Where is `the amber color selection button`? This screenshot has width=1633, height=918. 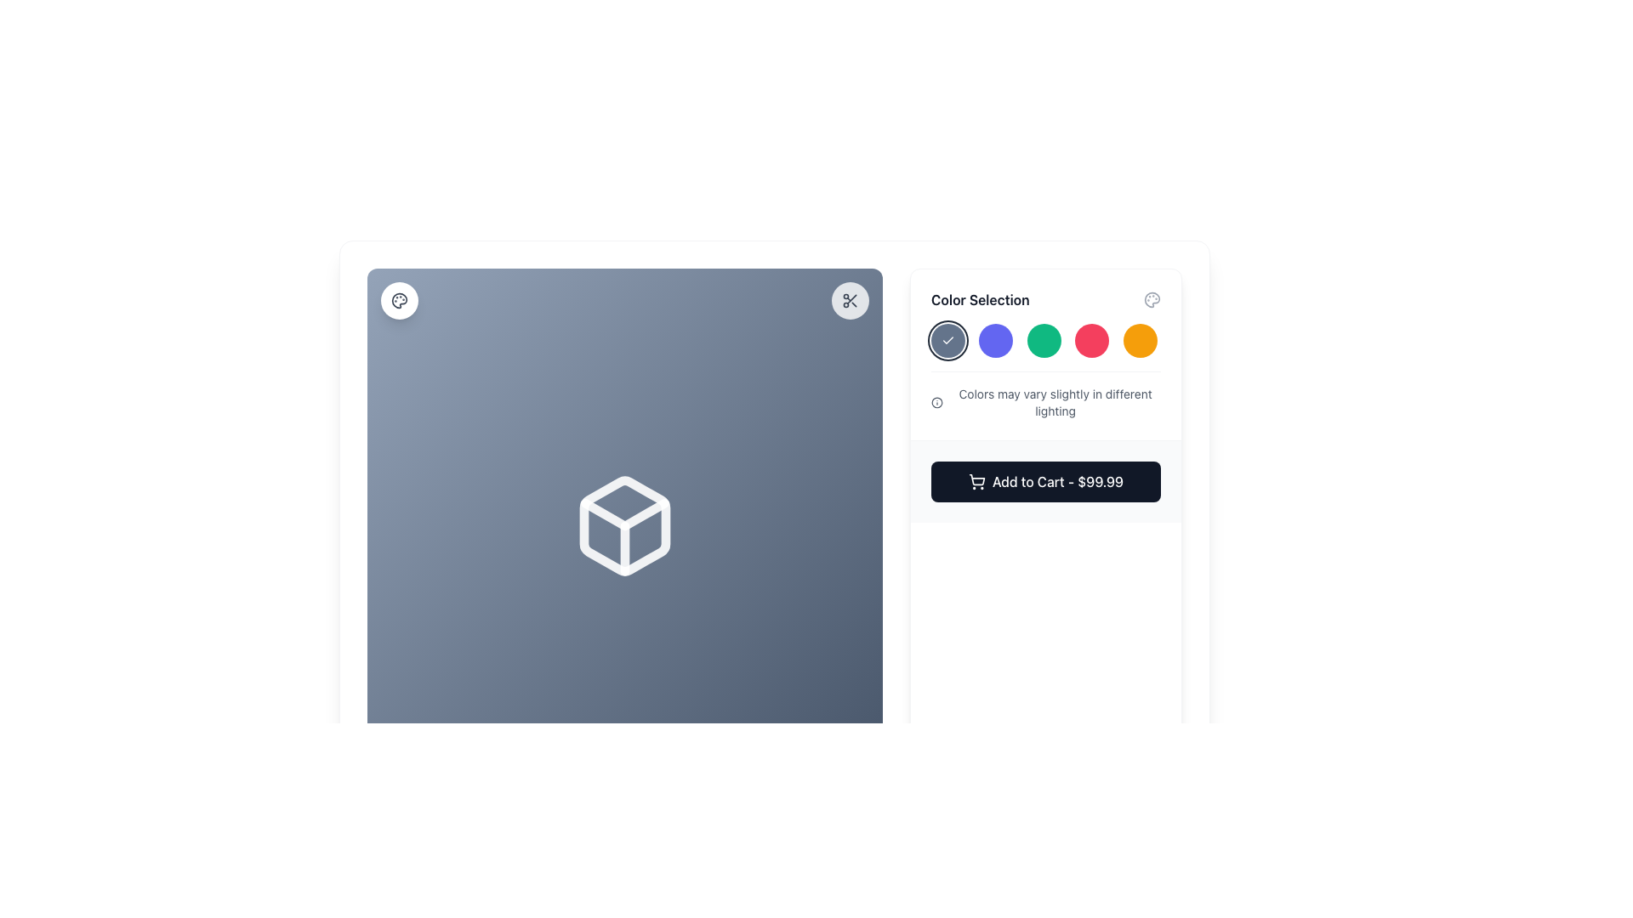 the amber color selection button is located at coordinates (1140, 341).